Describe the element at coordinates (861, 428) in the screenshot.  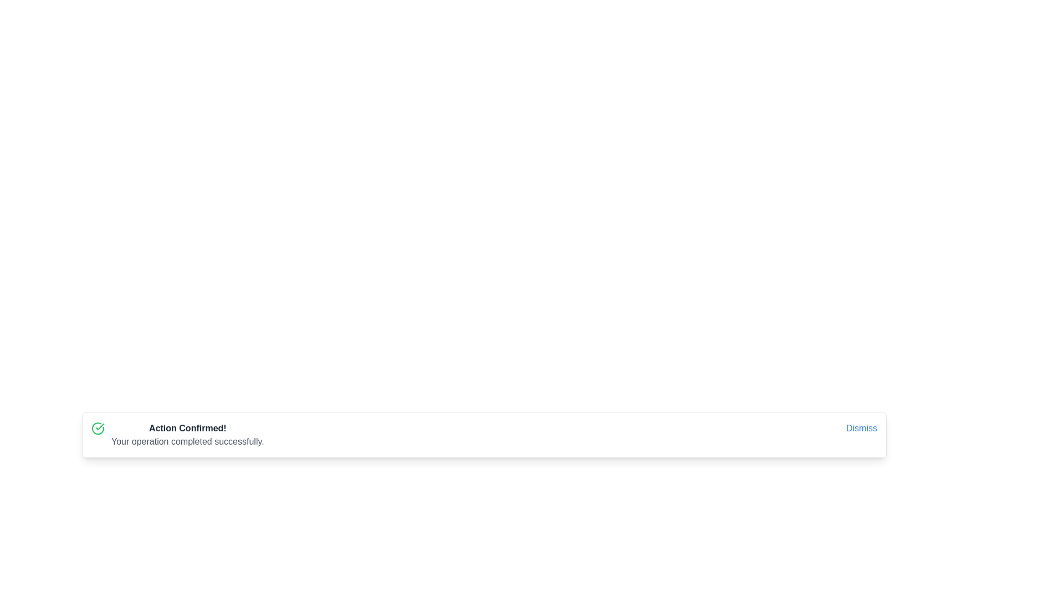
I see `the 'Dismiss' button to view the hover effect` at that location.